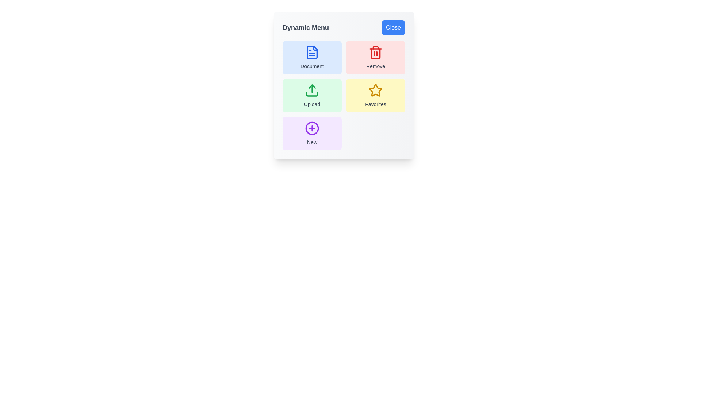 Image resolution: width=701 pixels, height=394 pixels. What do you see at coordinates (375, 95) in the screenshot?
I see `the 'Favorites' button located in the second column of the second row within the 'Dynamic Menu' grid layout to trigger its hover state` at bounding box center [375, 95].